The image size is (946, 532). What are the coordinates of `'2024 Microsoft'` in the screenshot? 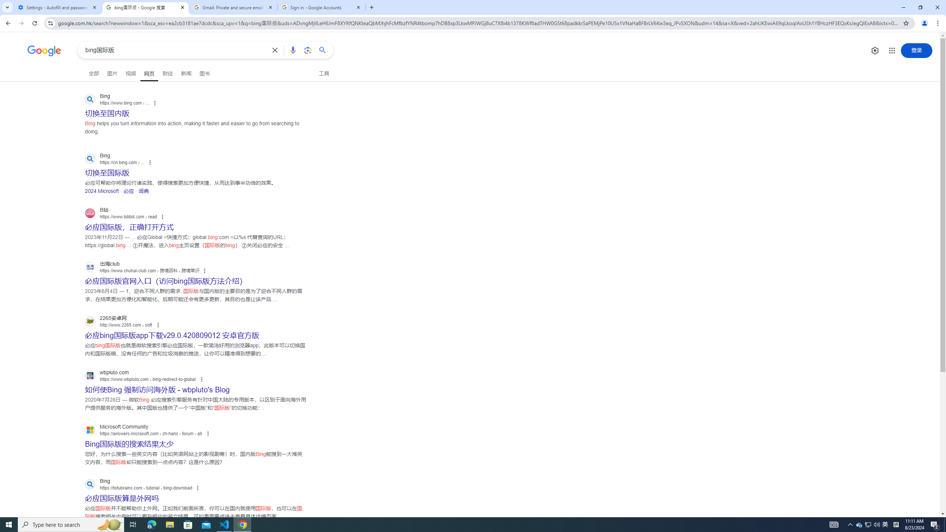 It's located at (102, 191).